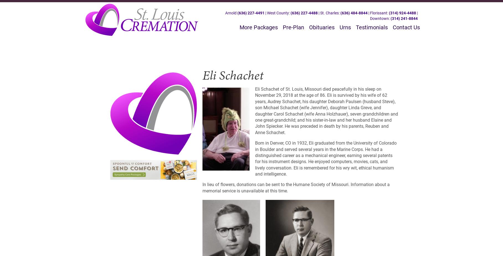 The image size is (503, 256). I want to click on '(636) 484-8844', so click(340, 12).